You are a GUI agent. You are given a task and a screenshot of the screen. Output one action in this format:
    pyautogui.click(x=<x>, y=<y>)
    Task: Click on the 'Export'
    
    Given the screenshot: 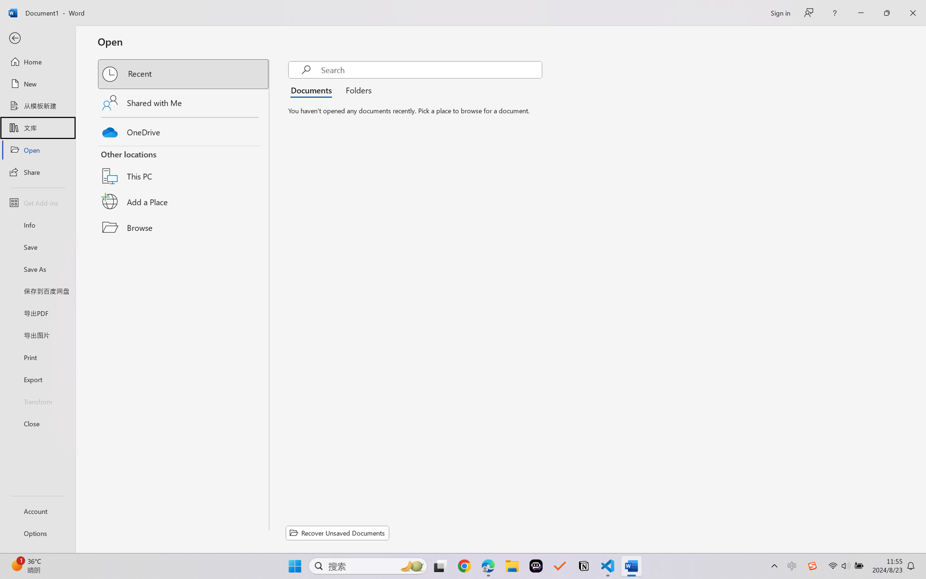 What is the action you would take?
    pyautogui.click(x=37, y=379)
    